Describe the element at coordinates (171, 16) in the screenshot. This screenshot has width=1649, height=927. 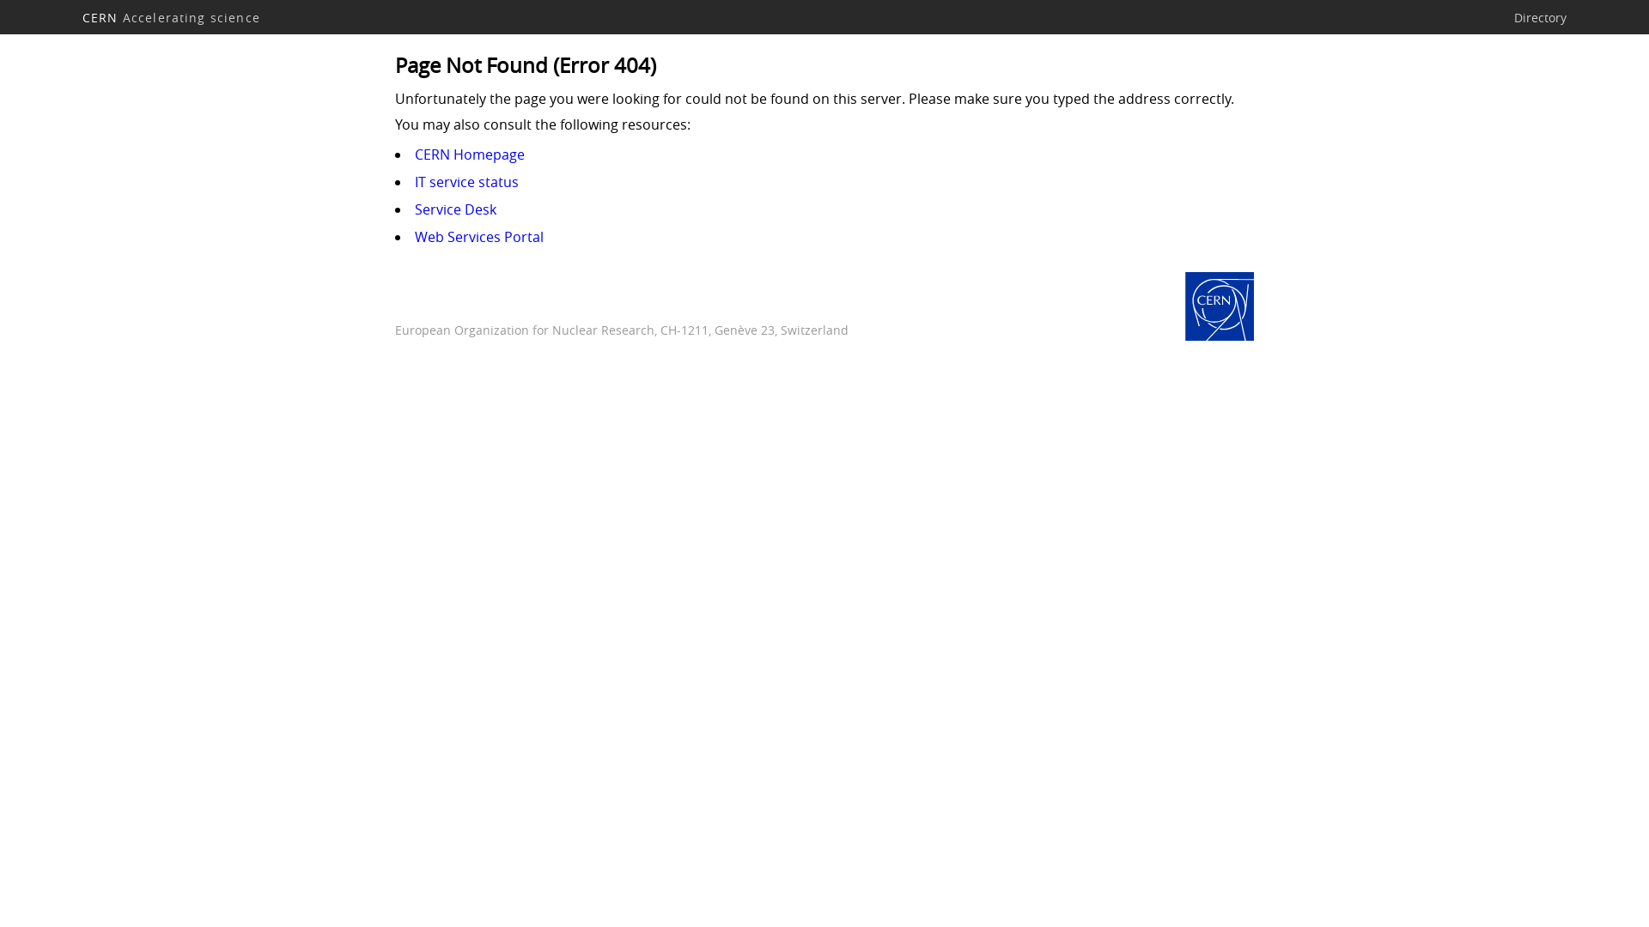
I see `'CERN Accelerating science'` at that location.